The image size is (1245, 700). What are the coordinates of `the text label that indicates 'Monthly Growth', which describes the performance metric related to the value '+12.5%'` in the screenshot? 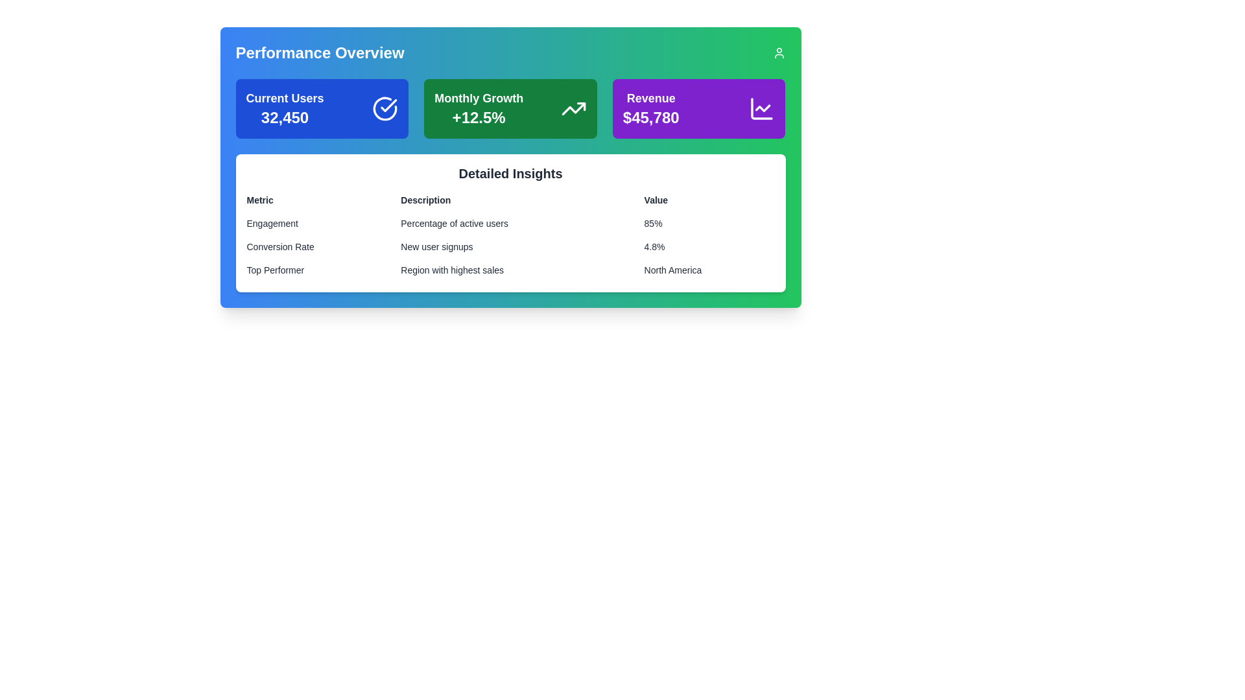 It's located at (478, 97).